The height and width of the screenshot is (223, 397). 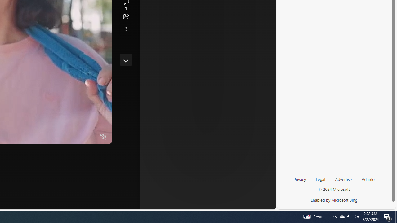 I want to click on 'Unmute', so click(x=103, y=137).